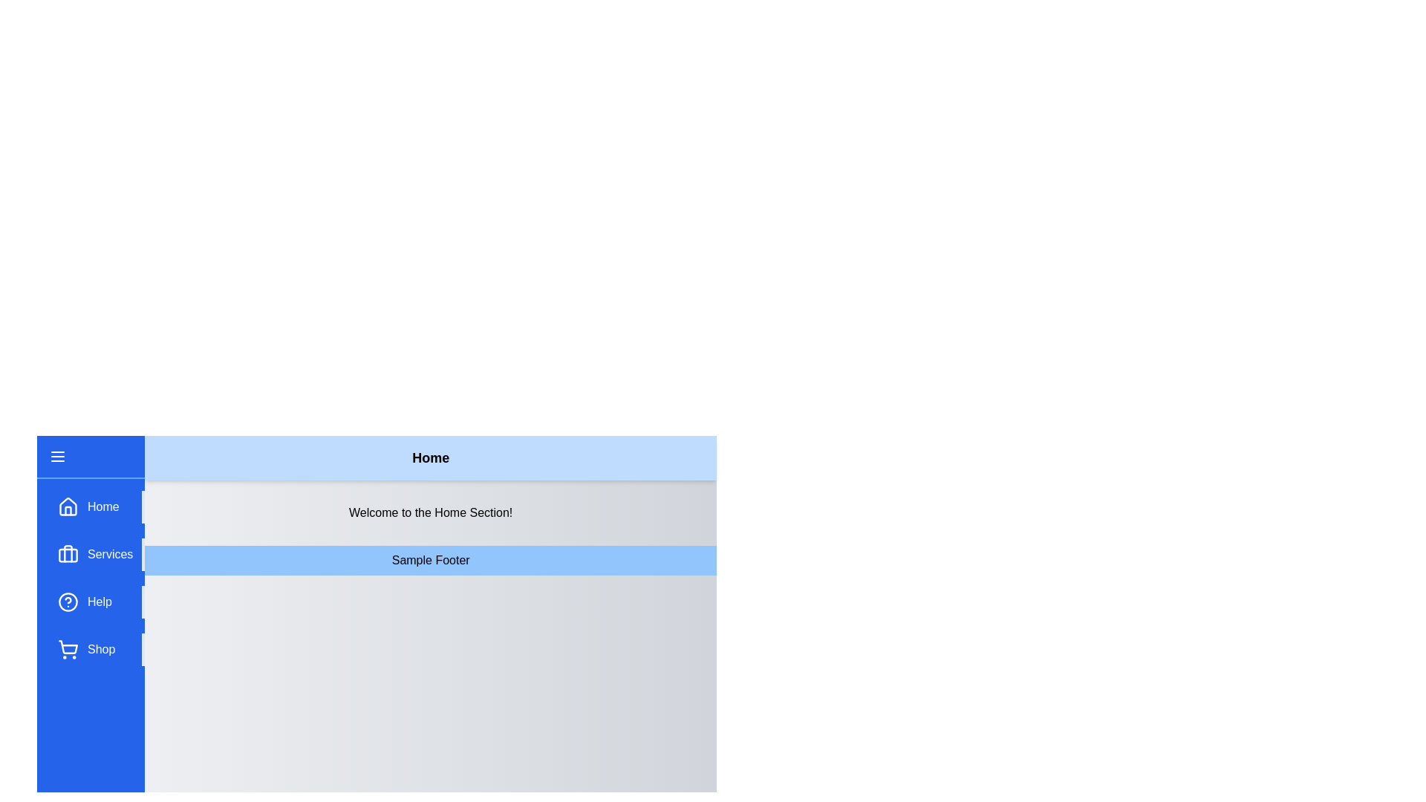 The image size is (1426, 802). I want to click on the menu icon, so click(57, 455).